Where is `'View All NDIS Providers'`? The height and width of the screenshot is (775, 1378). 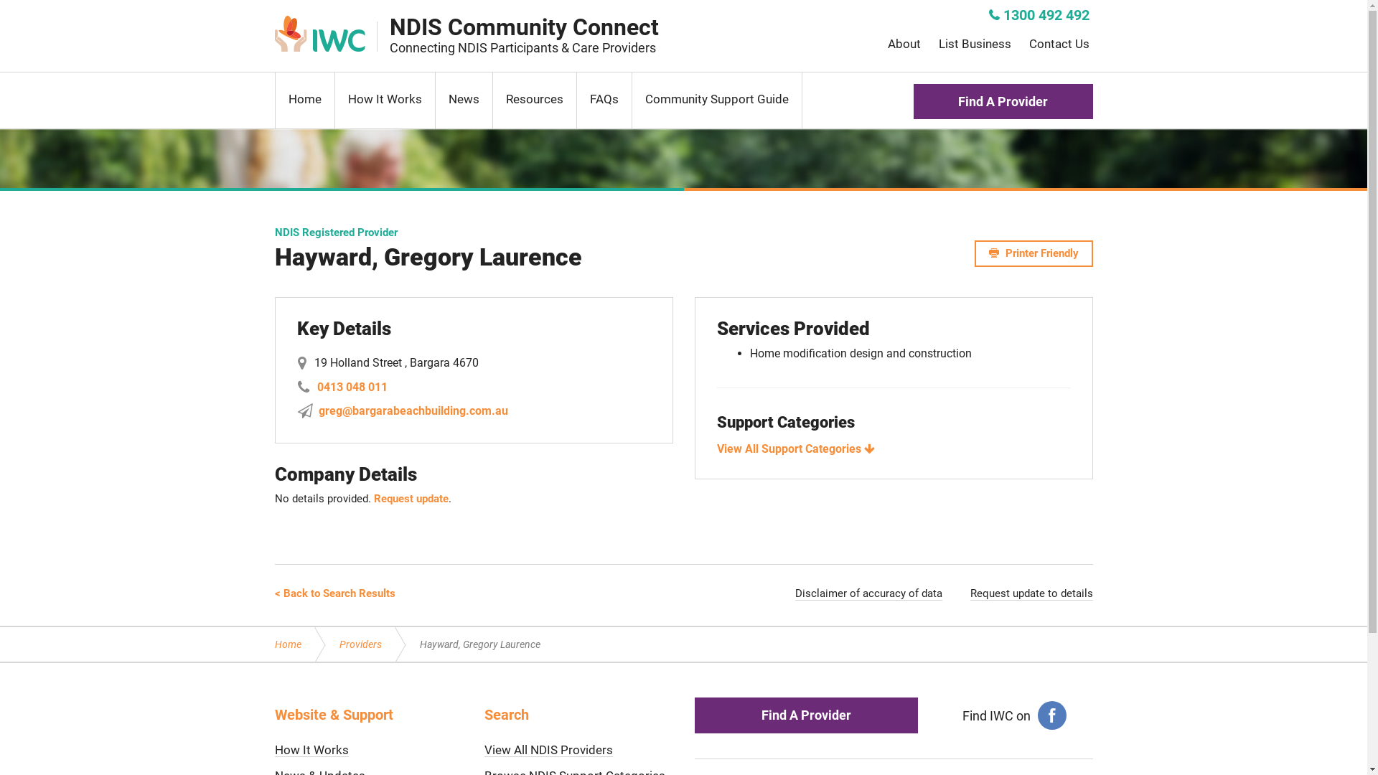 'View All NDIS Providers' is located at coordinates (484, 749).